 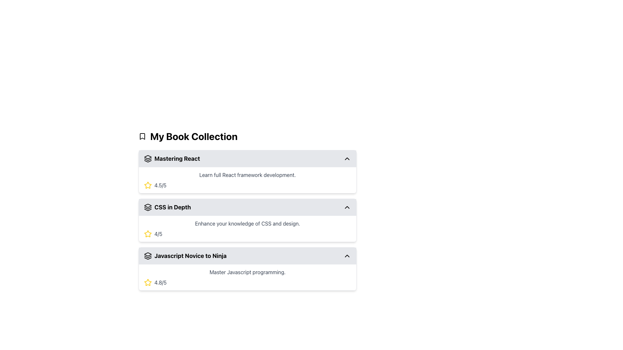 What do you see at coordinates (148, 185) in the screenshot?
I see `the star-shaped icon with a hollow center and yellow outline, which indicates a rating, located to the left of the score '4/5' and below the book title 'CSS in Depth.'` at bounding box center [148, 185].